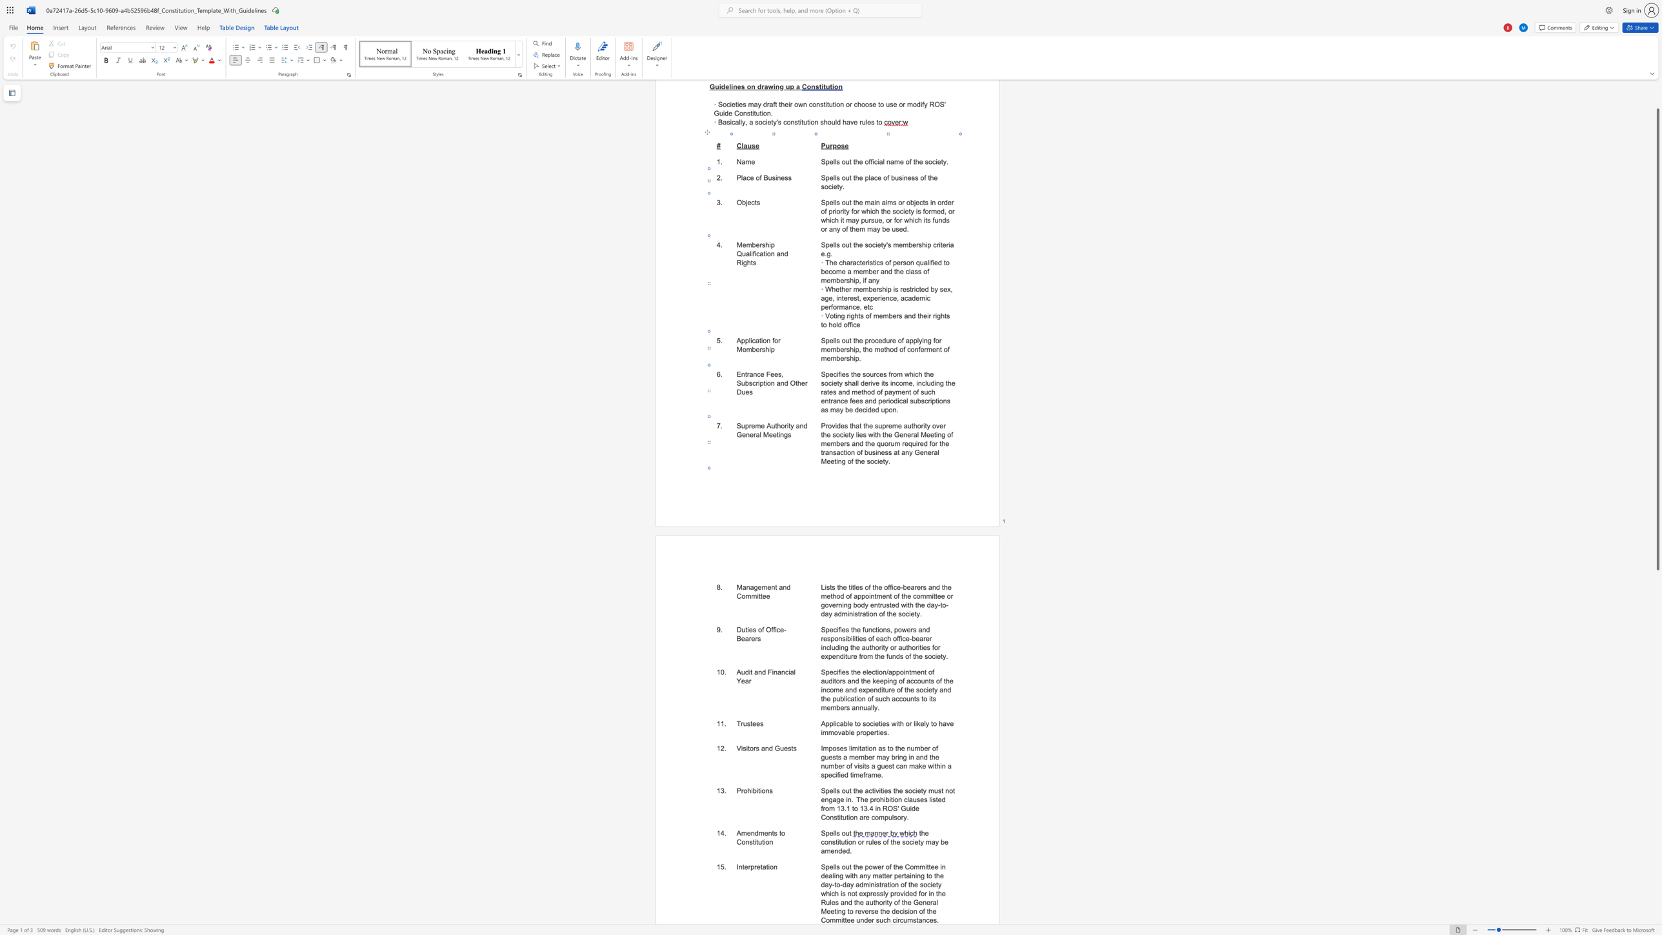 This screenshot has width=1662, height=935. I want to click on the 1th character "i" in the text, so click(868, 884).